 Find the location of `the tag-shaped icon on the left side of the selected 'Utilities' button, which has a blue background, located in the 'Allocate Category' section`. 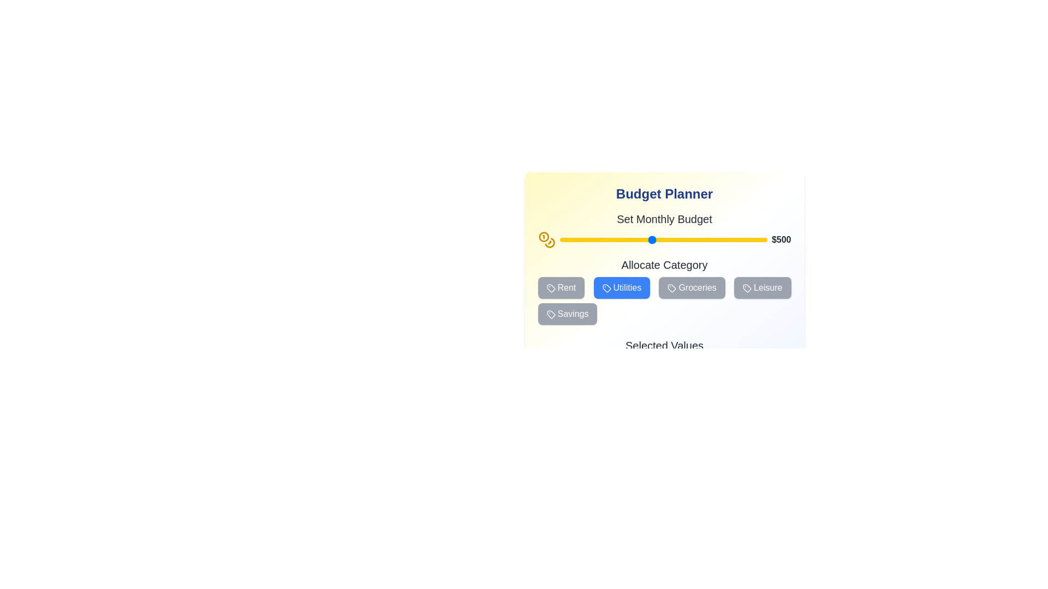

the tag-shaped icon on the left side of the selected 'Utilities' button, which has a blue background, located in the 'Allocate Category' section is located at coordinates (606, 287).